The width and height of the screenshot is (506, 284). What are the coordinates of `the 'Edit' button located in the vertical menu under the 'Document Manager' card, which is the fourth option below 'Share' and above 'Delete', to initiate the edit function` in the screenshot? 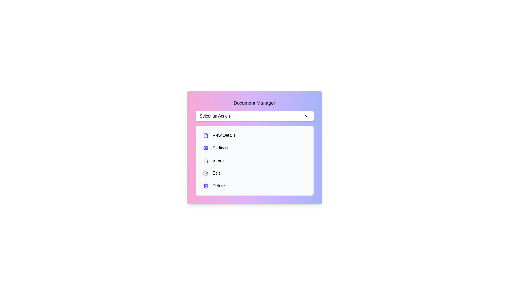 It's located at (254, 173).